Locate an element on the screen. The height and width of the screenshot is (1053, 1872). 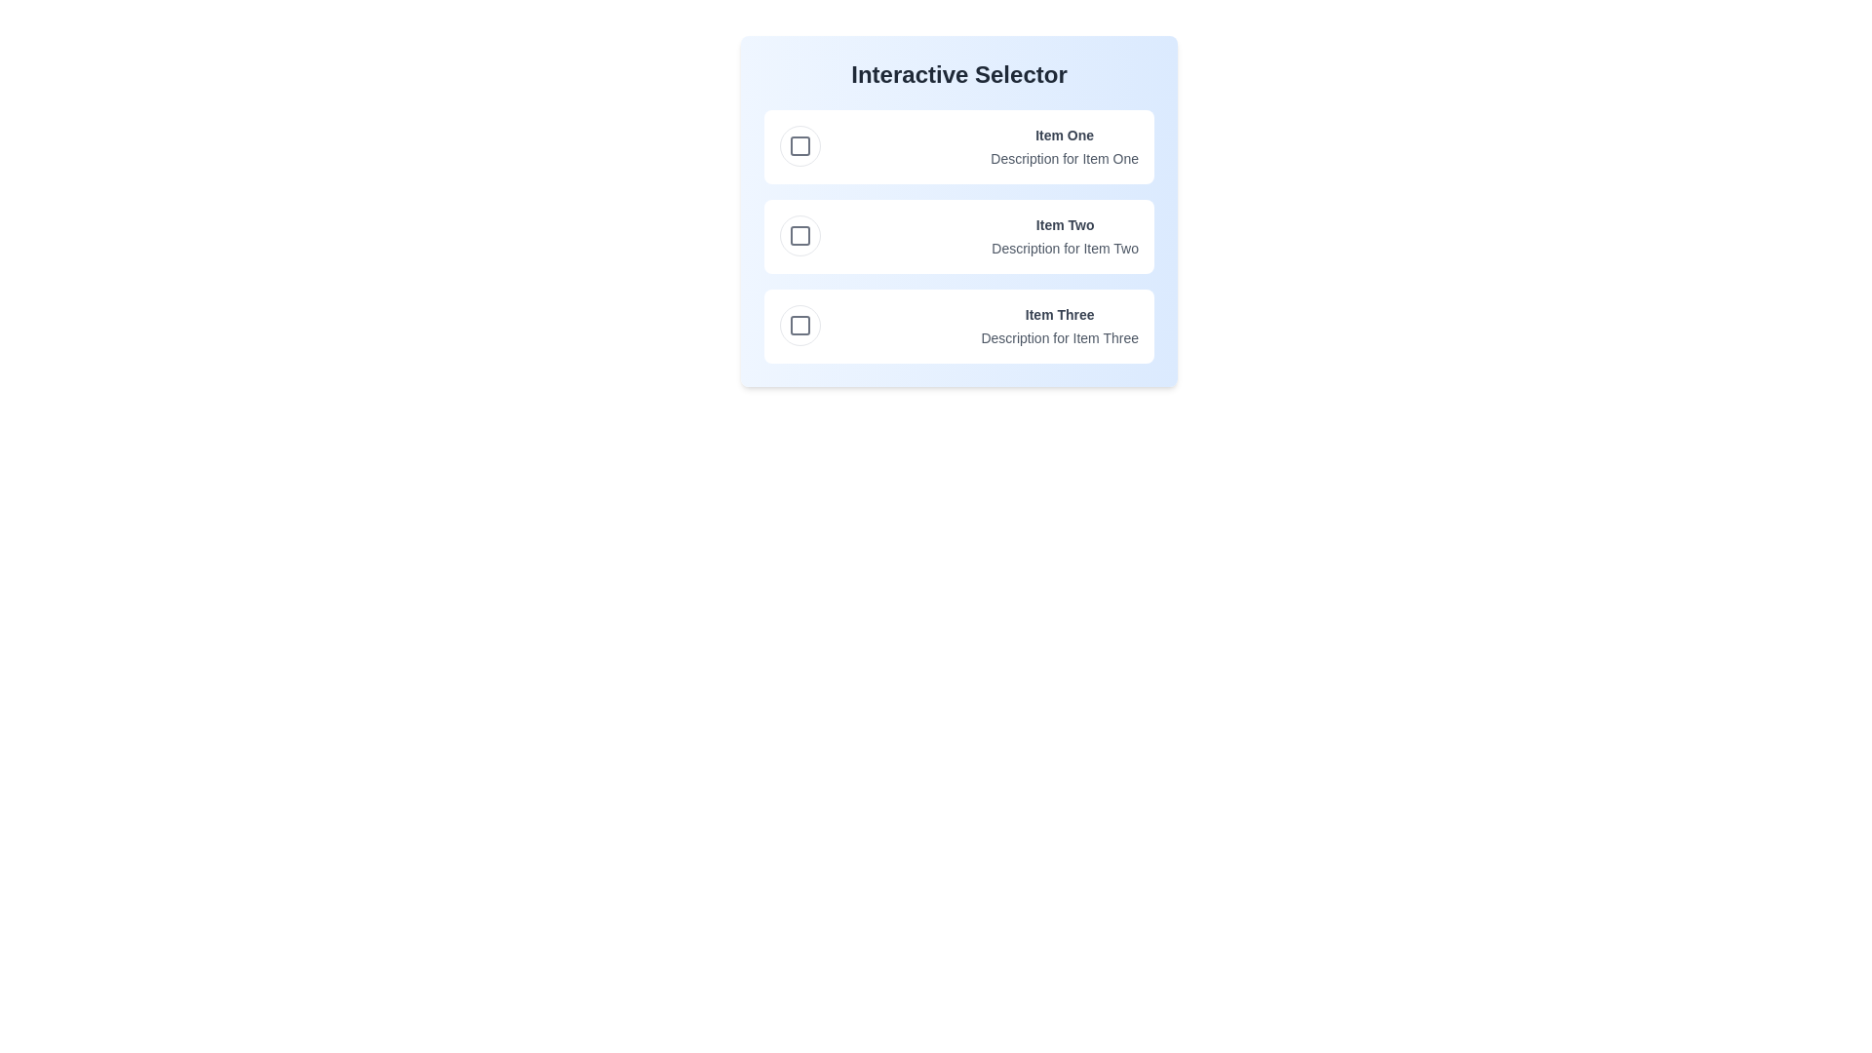
the first square selectable icon (checkbox-style) located on the left side of the row labeled 'Item One' is located at coordinates (799, 145).